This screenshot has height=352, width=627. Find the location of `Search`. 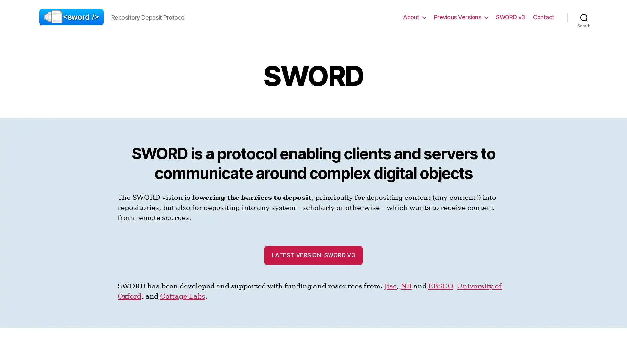

Search is located at coordinates (584, 17).